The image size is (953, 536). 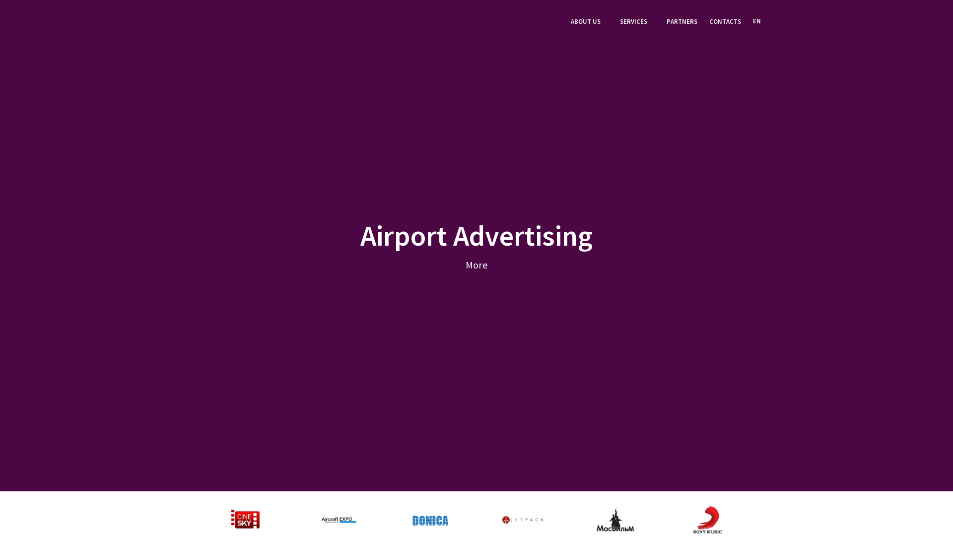 What do you see at coordinates (637, 22) in the screenshot?
I see `'SERVICES'` at bounding box center [637, 22].